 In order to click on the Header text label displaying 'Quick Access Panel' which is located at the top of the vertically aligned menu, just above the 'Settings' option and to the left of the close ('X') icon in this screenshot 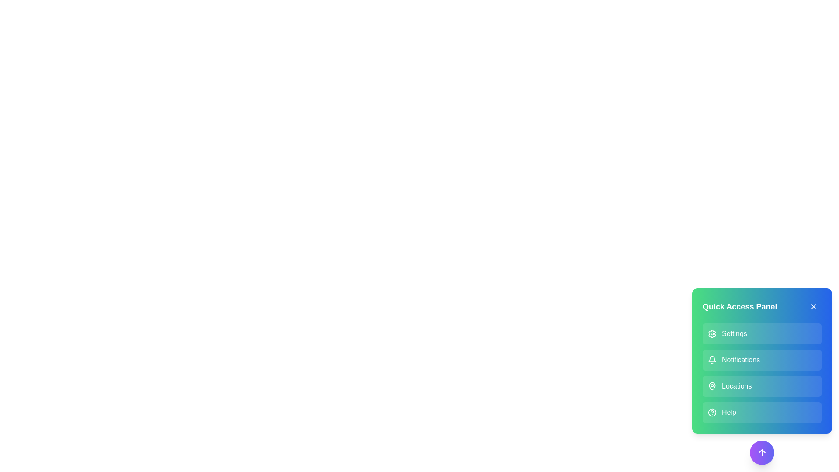, I will do `click(761, 306)`.